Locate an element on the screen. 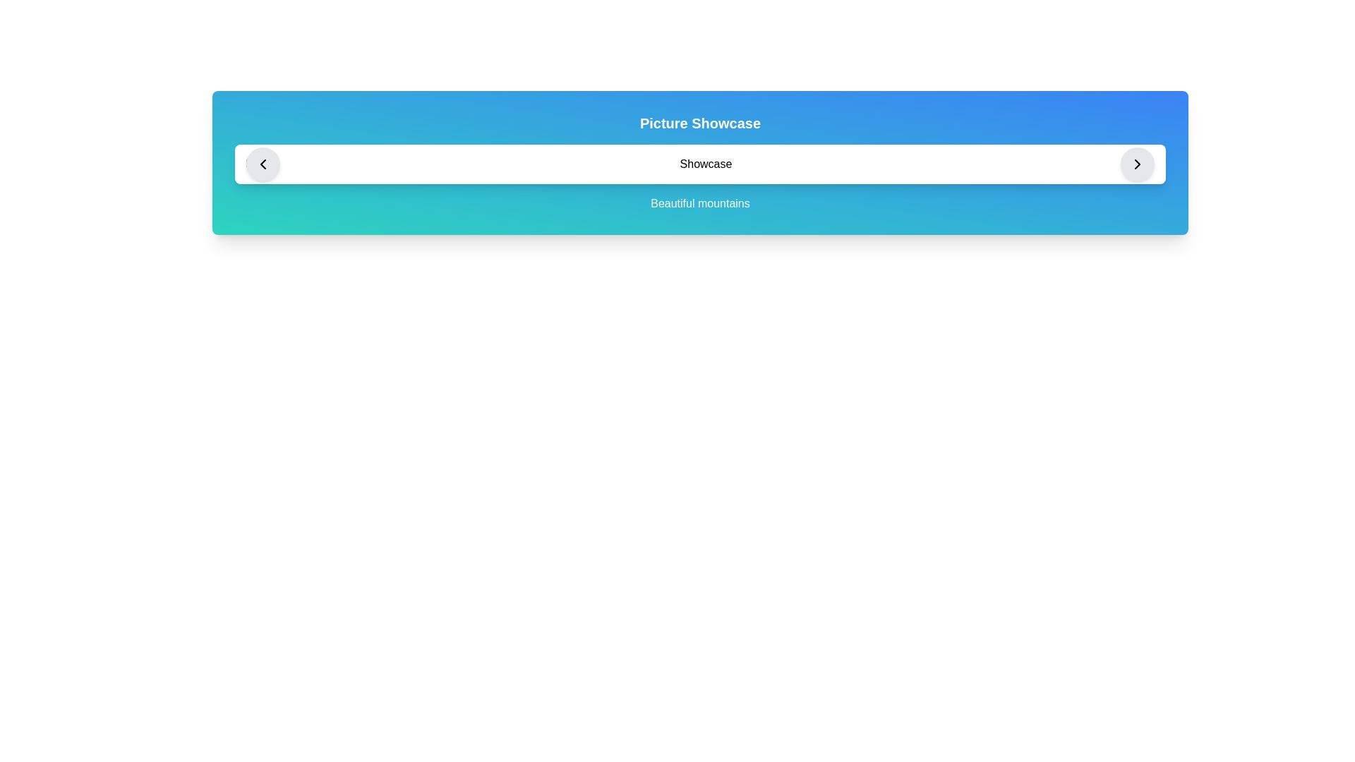  the centrally located image element that showcases visual content in the image carousel, positioned between navigation buttons is located at coordinates (700, 163).